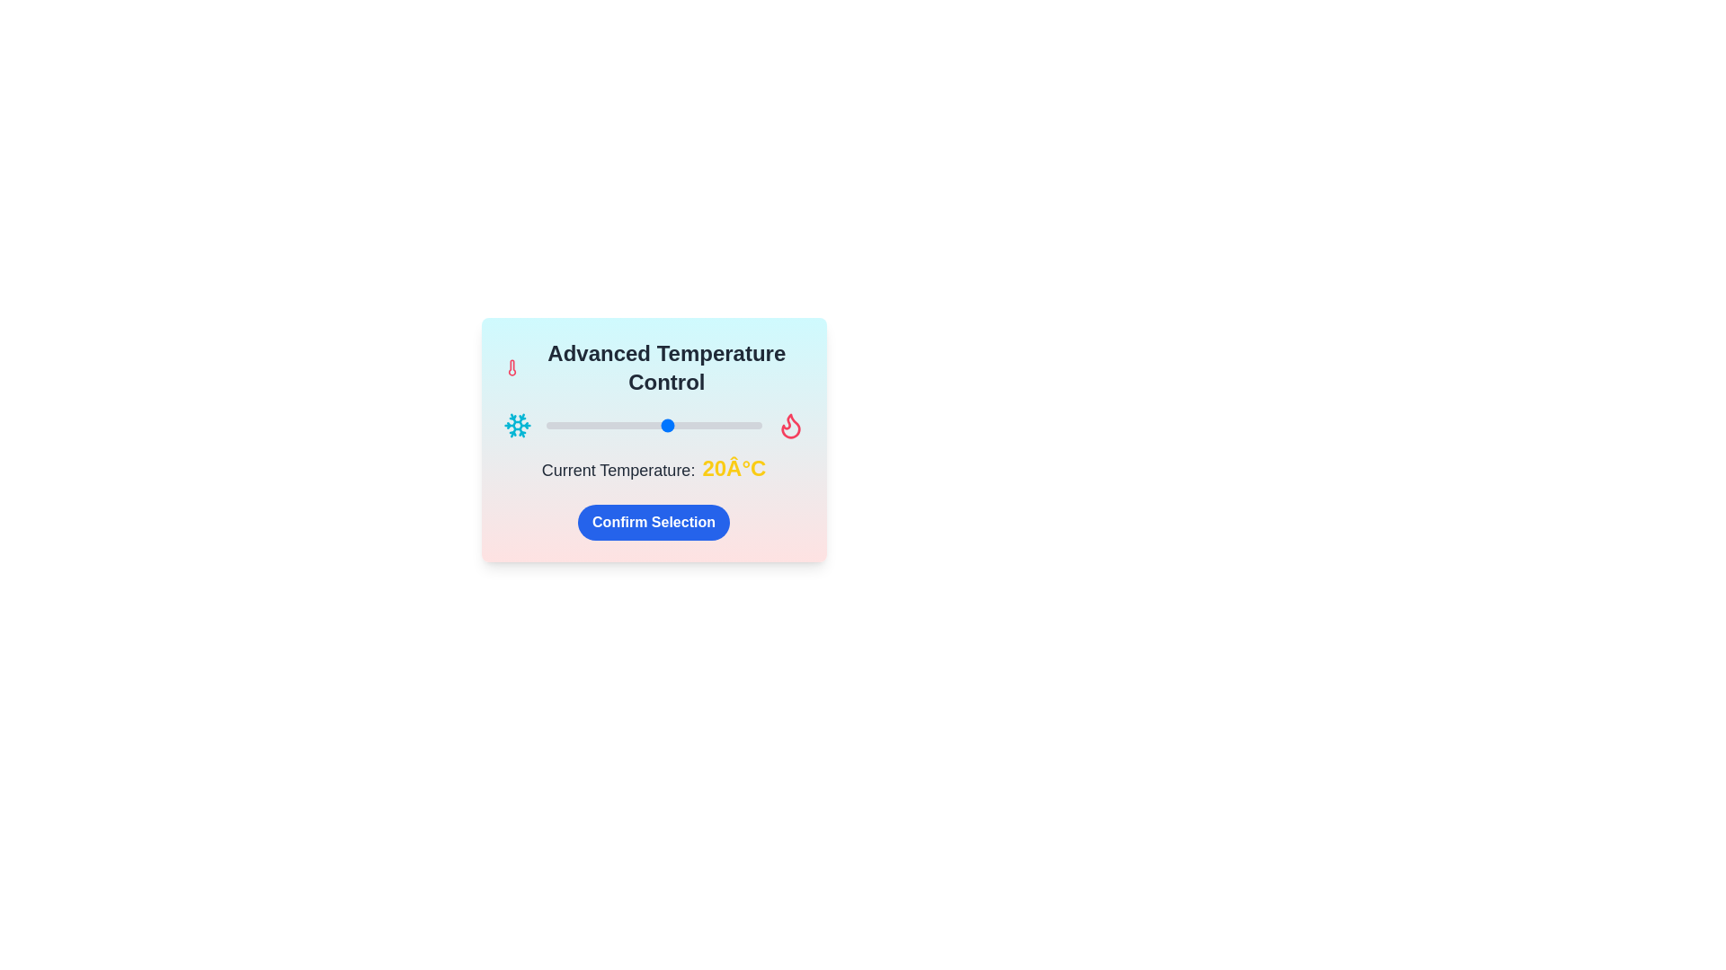 This screenshot has height=970, width=1726. Describe the element at coordinates (653, 523) in the screenshot. I see `'Confirm Selection' button to submit the temperature` at that location.